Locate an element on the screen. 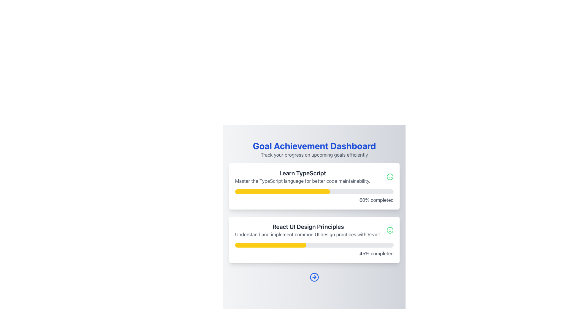 This screenshot has width=570, height=321. the Header Section of the dashboard, which serves as a title header providing a welcoming message and summarizing the purpose to track progress on upcoming goals is located at coordinates (314, 147).